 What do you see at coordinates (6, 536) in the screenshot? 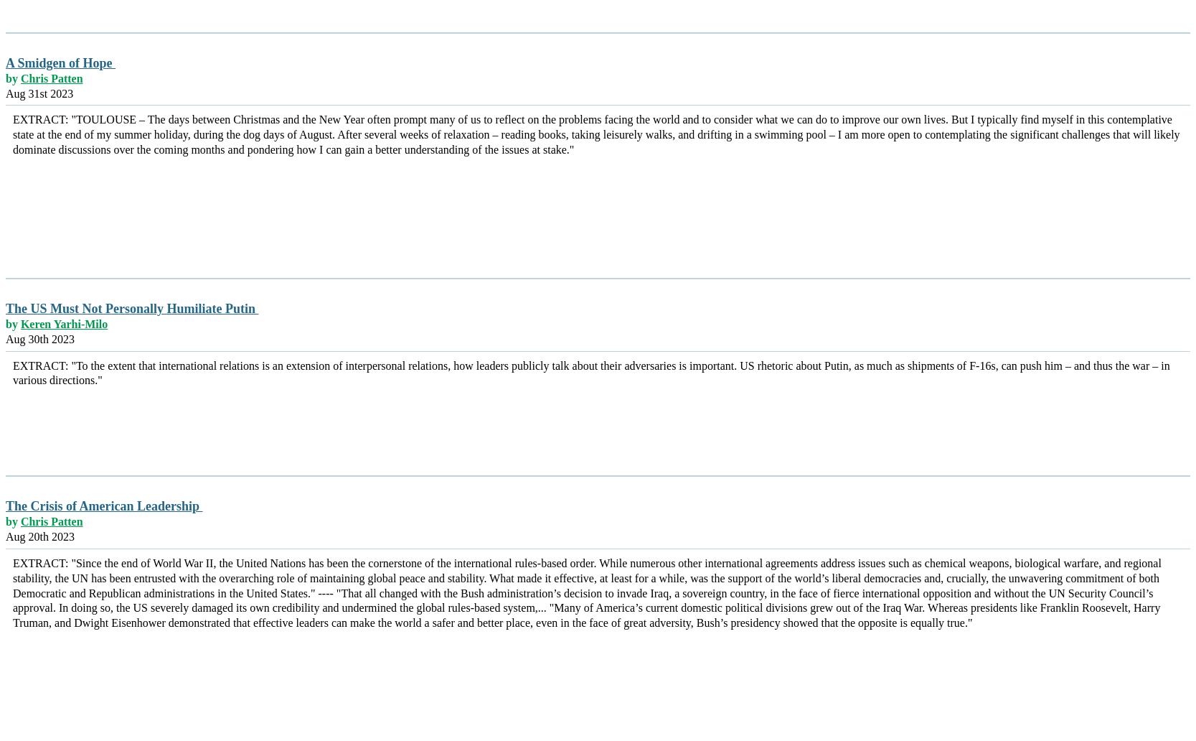
I see `'Aug 20th 2023'` at bounding box center [6, 536].